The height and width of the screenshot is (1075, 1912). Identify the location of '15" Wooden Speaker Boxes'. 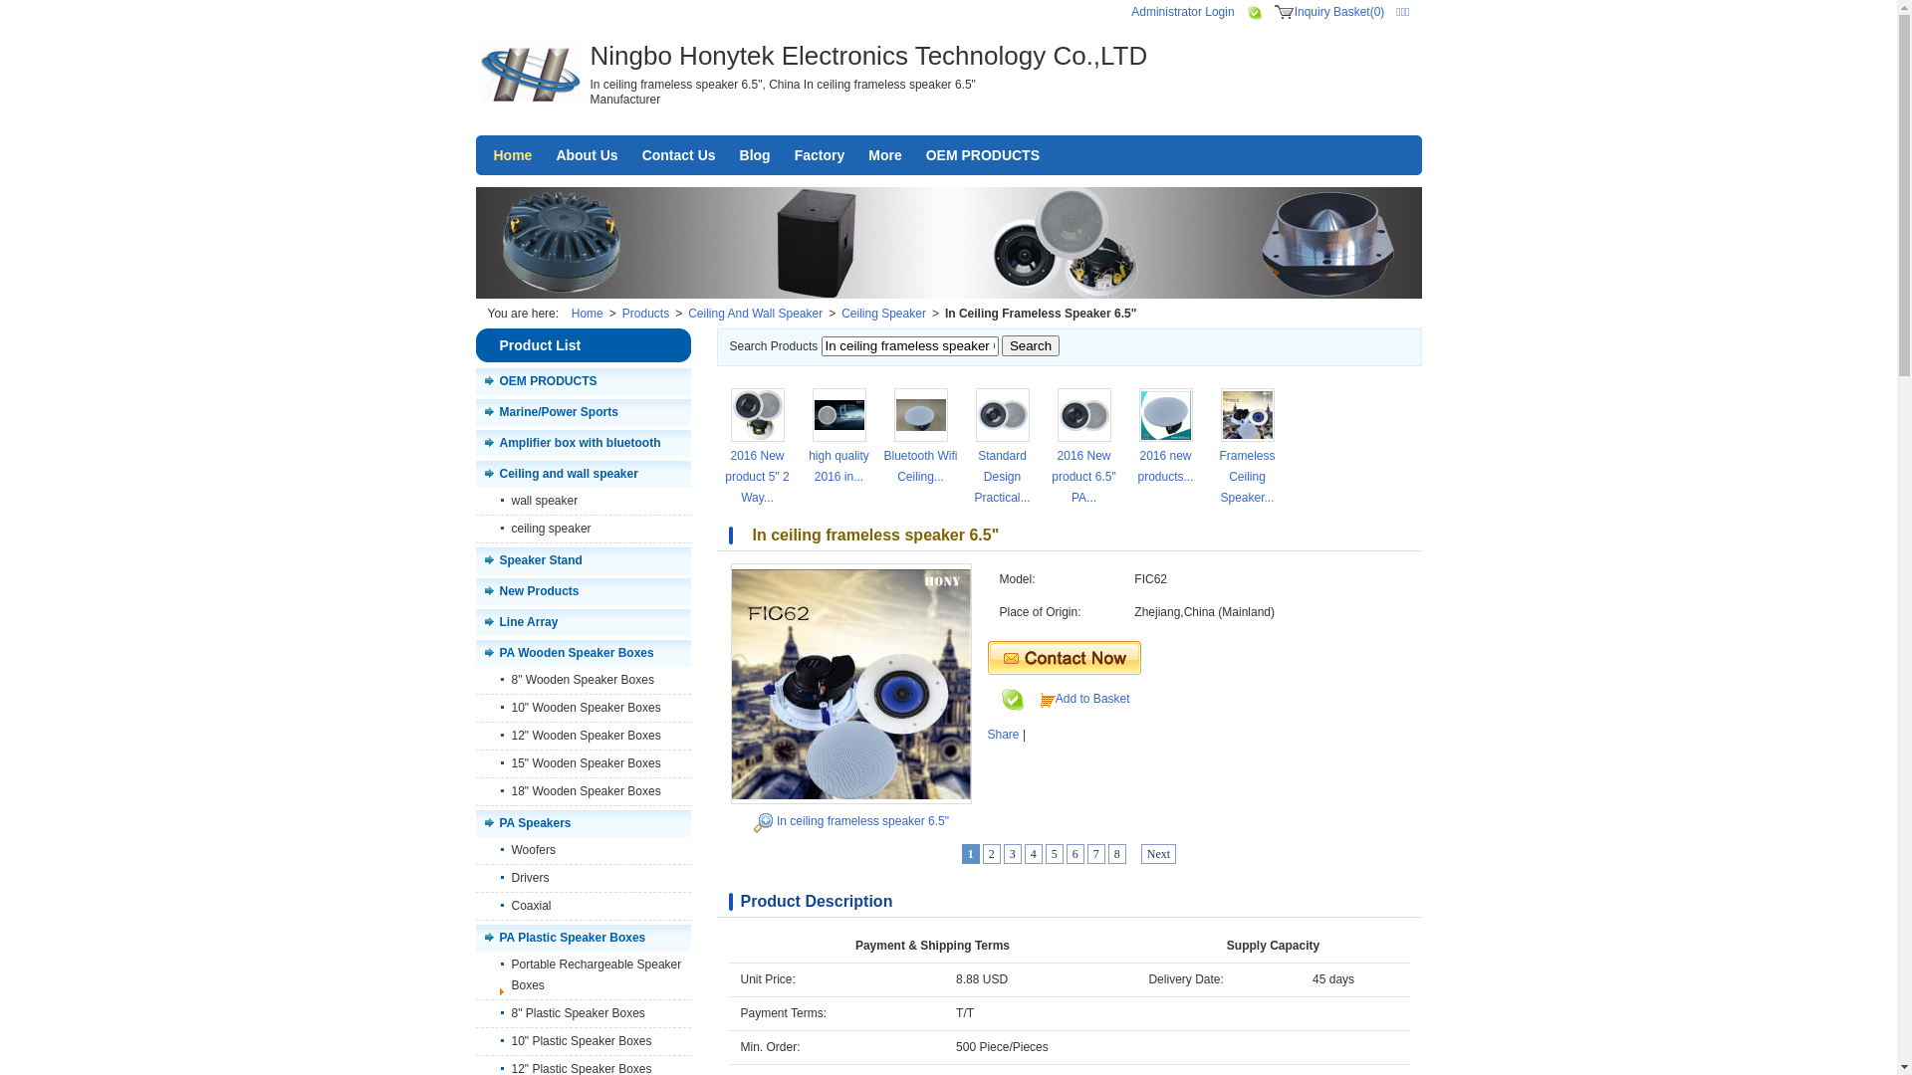
(582, 762).